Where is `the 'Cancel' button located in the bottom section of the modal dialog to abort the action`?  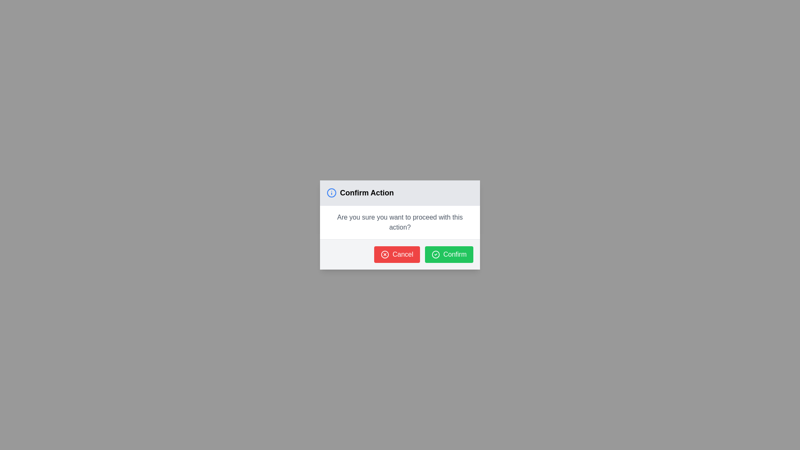
the 'Cancel' button located in the bottom section of the modal dialog to abort the action is located at coordinates (400, 253).